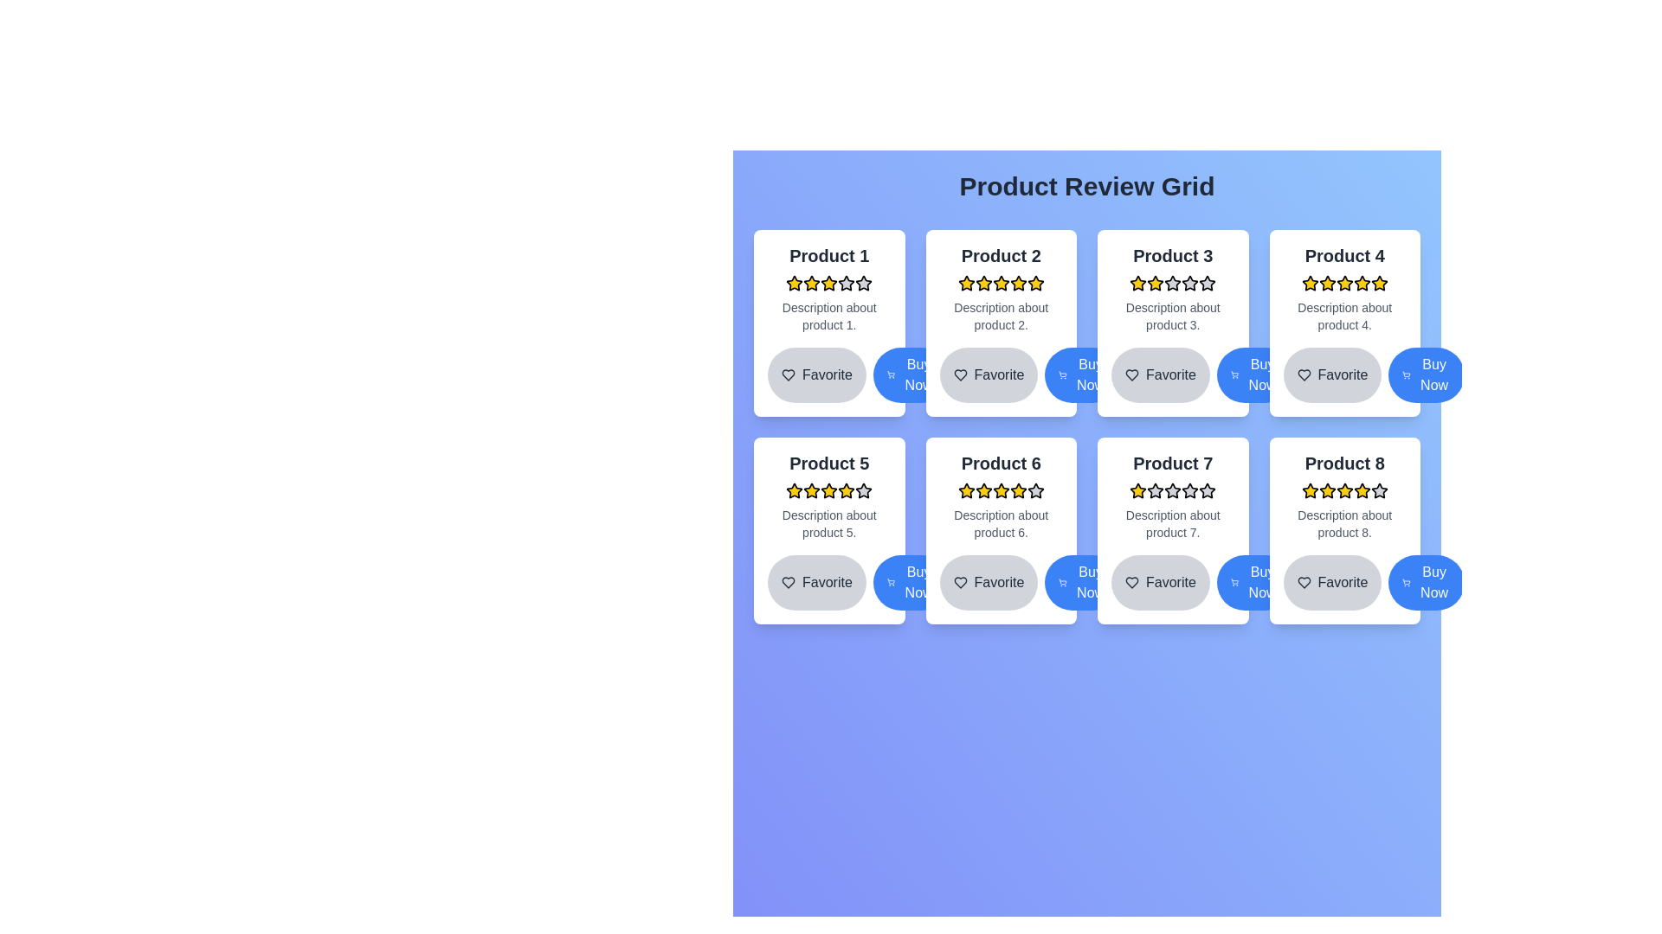  I want to click on the heart icon in the 'Favorite' button located at the bottom center of 'Product 8', so click(1304, 583).